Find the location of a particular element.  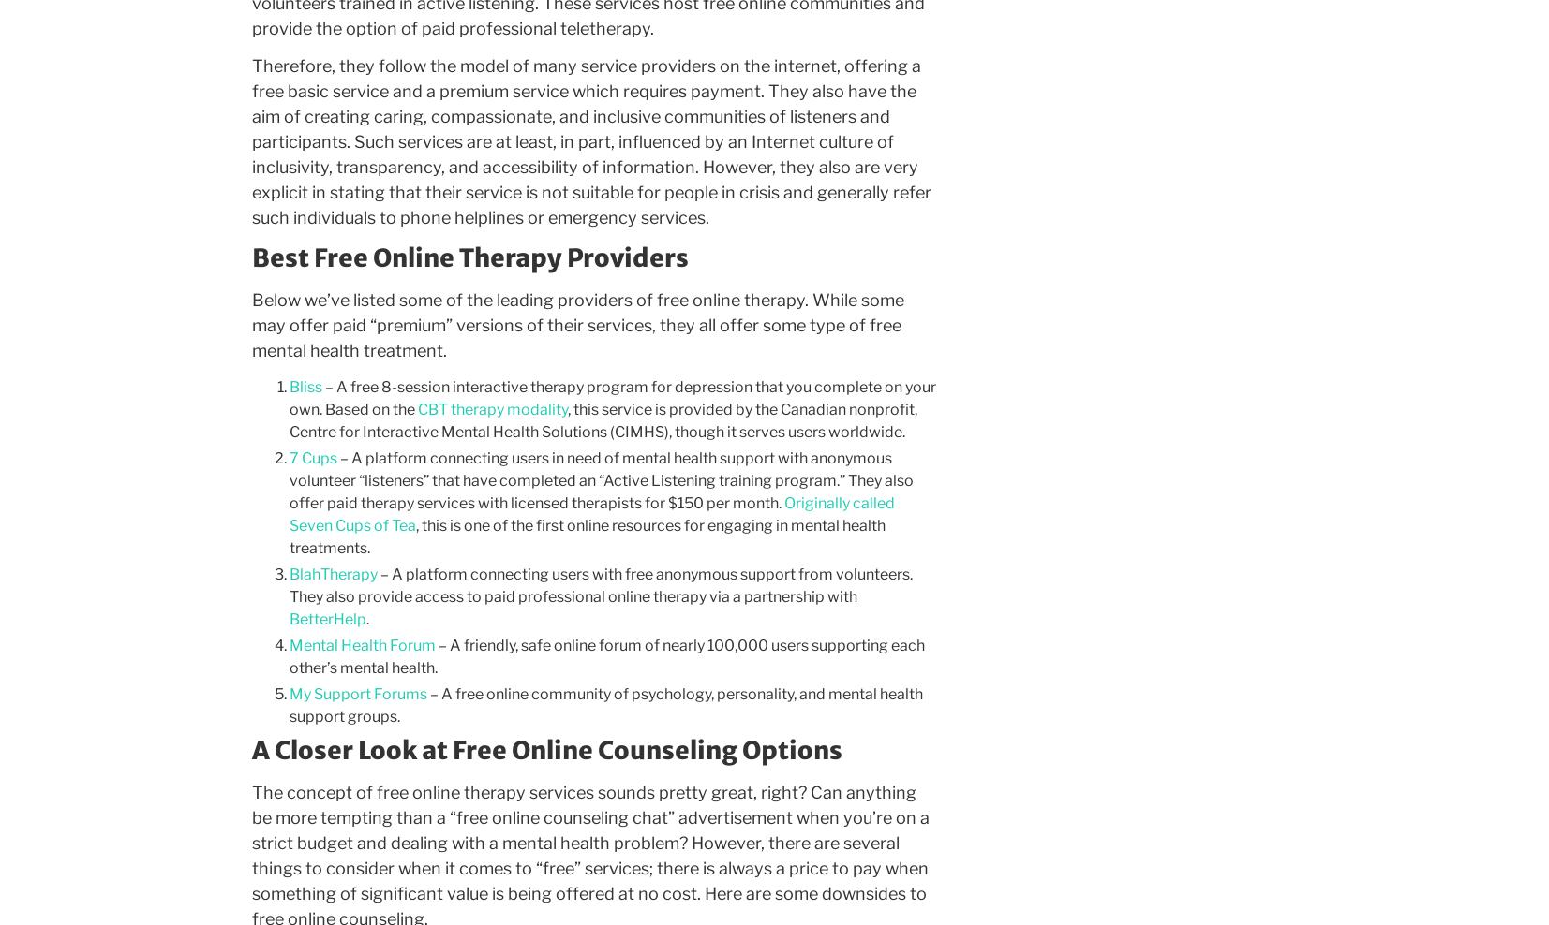

'My Support Forums' is located at coordinates (356, 693).